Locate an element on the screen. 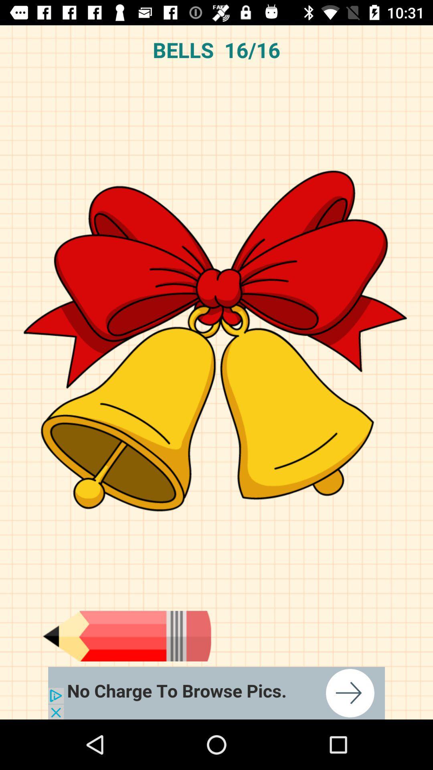 This screenshot has height=770, width=433. next is located at coordinates (216, 693).